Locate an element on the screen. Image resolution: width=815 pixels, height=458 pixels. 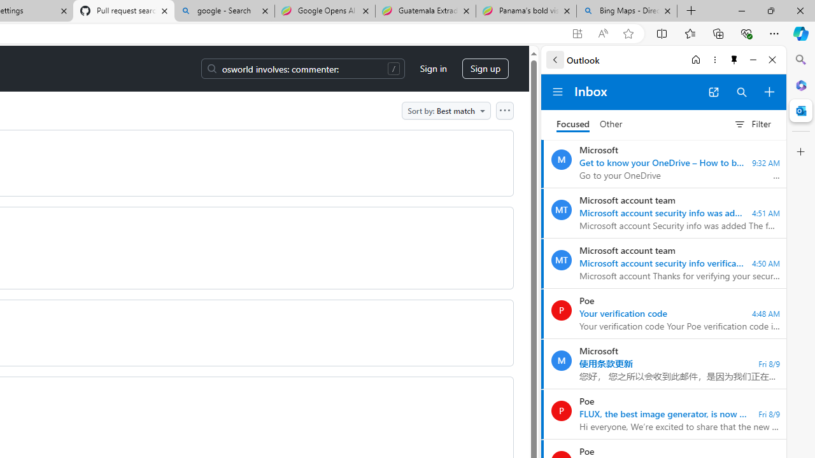
'Focused' is located at coordinates (572, 124).